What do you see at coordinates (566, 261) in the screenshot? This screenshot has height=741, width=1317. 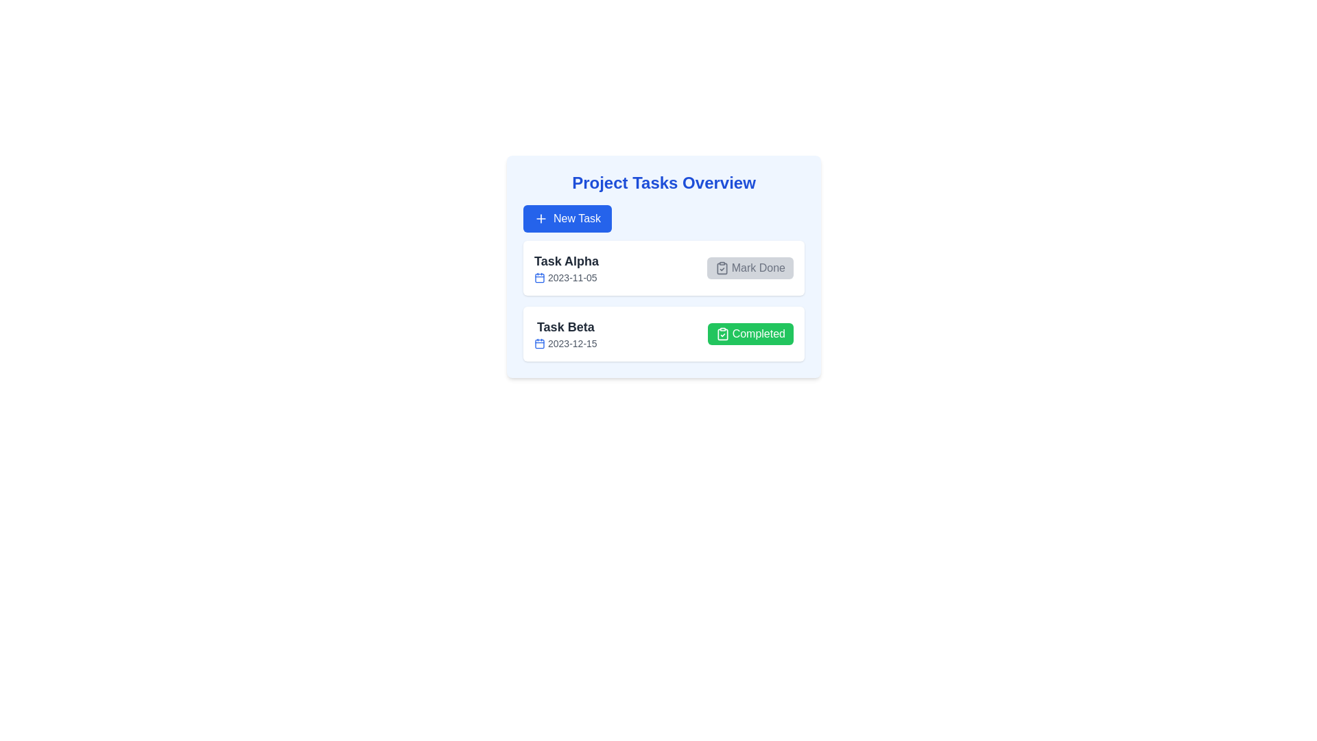 I see `prominent text label displaying 'Task Alpha', which is styled in a larger, bold font and is located above the date '2023-11-05'` at bounding box center [566, 261].